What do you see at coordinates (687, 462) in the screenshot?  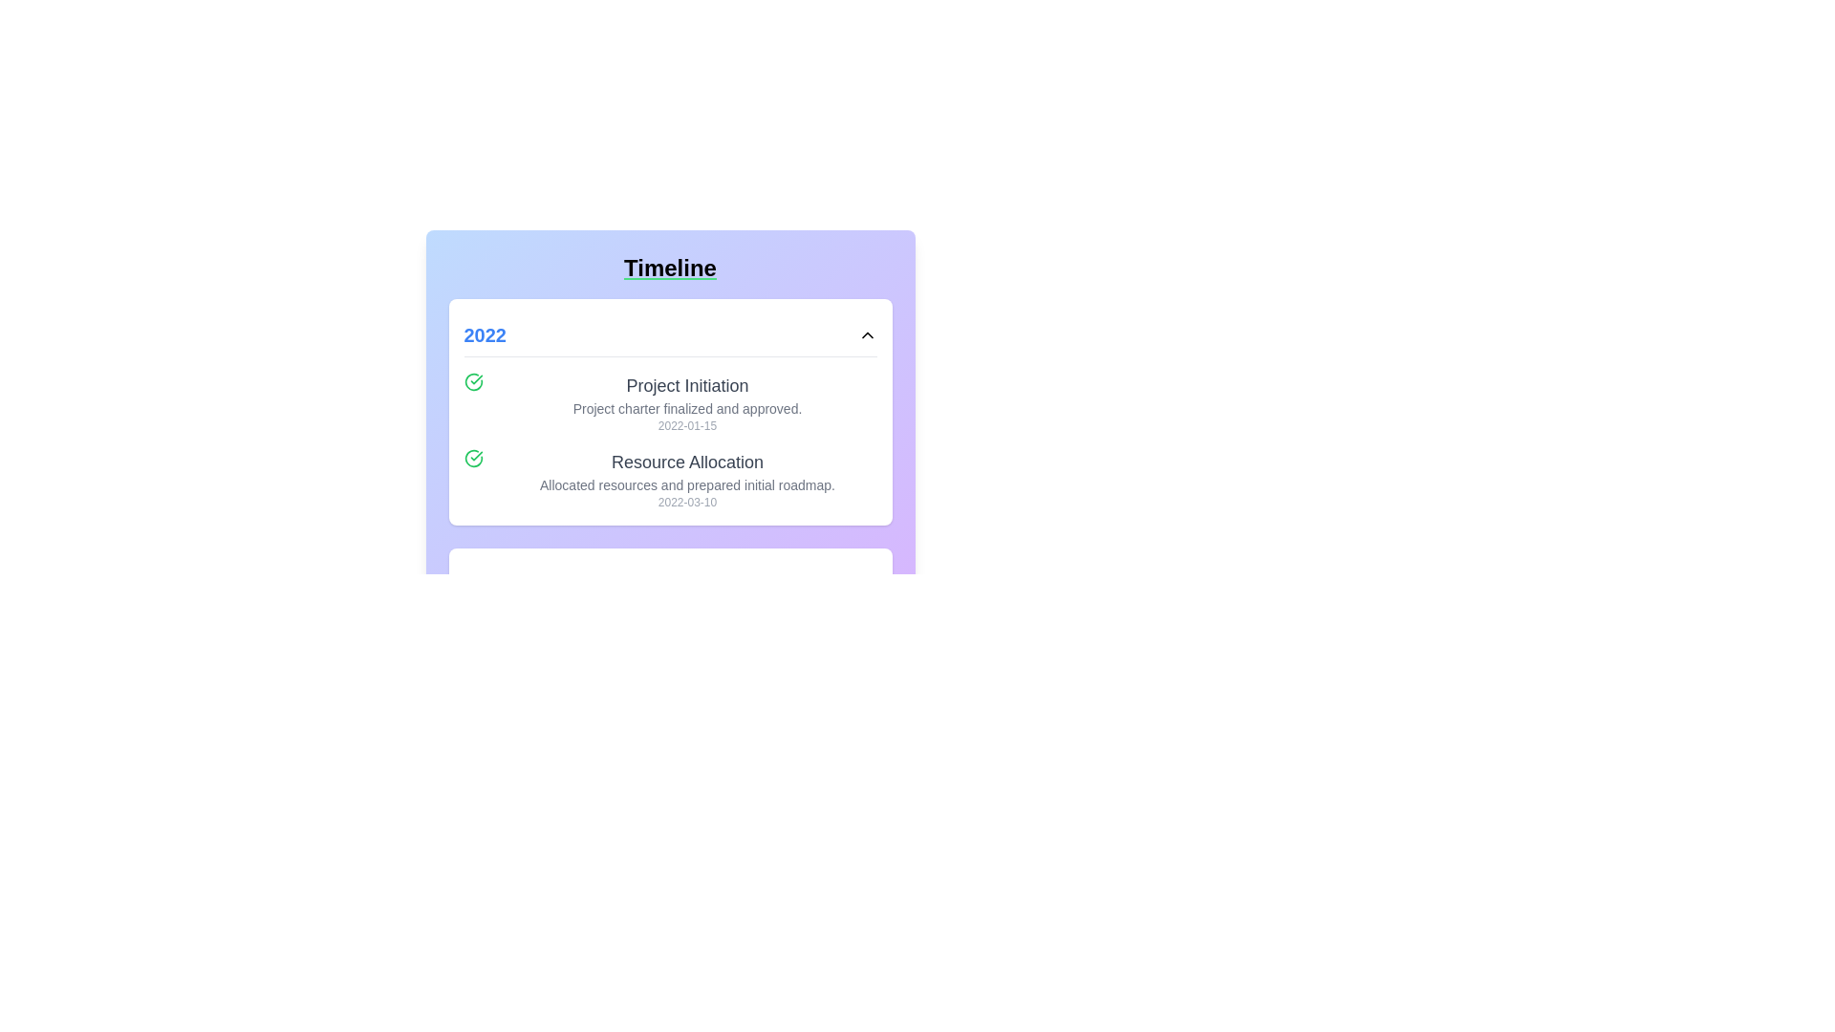 I see `the text label that reads 'Resource Allocation', which is prominently displayed in a large font size and gray color, located just below 'Project Initiation' in the timeline for 2022` at bounding box center [687, 462].